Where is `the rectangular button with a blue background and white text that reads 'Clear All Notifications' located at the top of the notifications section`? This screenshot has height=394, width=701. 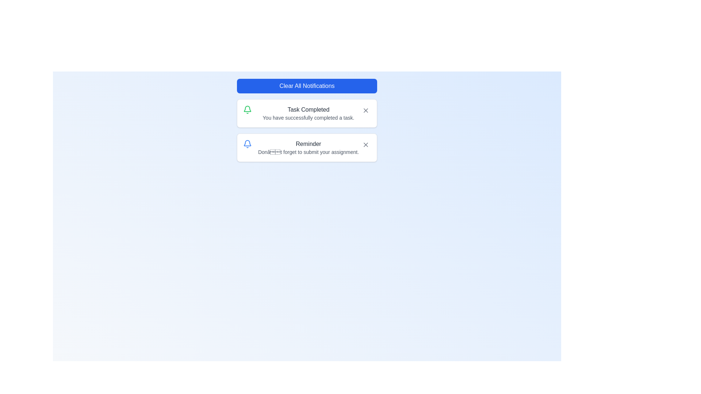
the rectangular button with a blue background and white text that reads 'Clear All Notifications' located at the top of the notifications section is located at coordinates (307, 85).